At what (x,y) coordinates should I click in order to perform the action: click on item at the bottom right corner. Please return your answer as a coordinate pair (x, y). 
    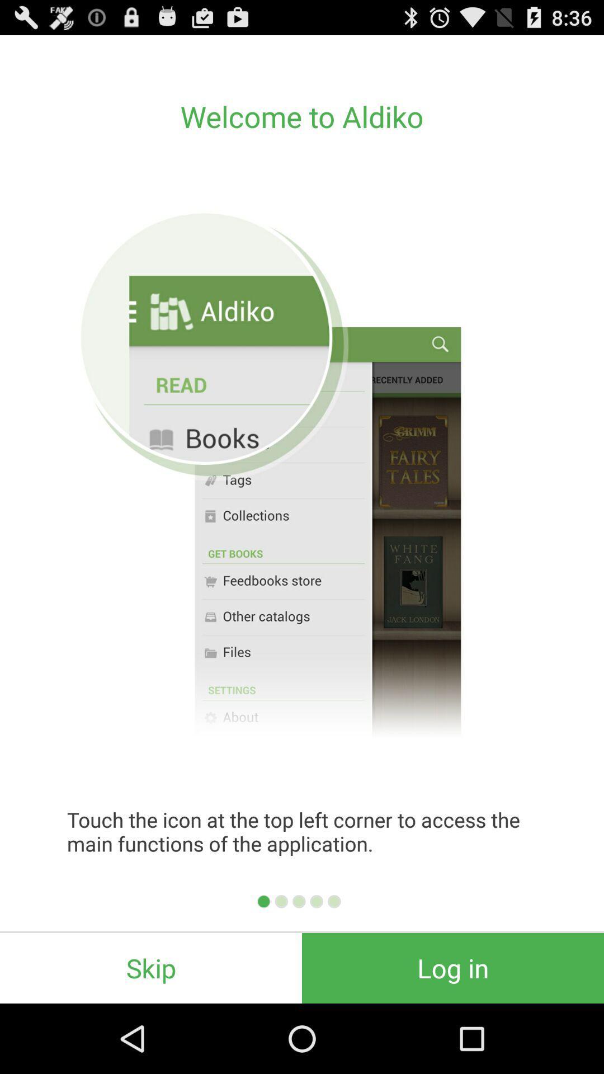
    Looking at the image, I should click on (453, 968).